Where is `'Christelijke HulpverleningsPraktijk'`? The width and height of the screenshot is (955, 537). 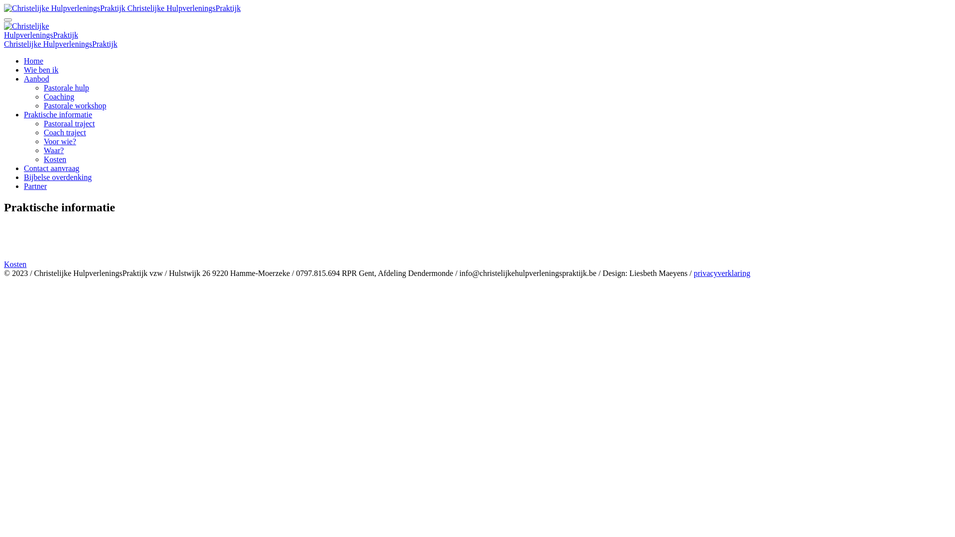
'Christelijke HulpverleningsPraktijk' is located at coordinates (40, 30).